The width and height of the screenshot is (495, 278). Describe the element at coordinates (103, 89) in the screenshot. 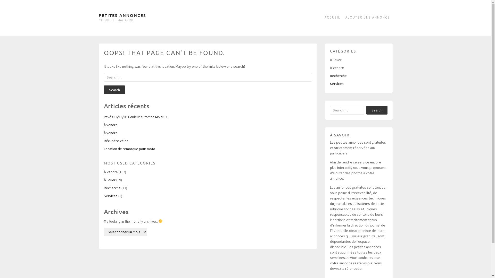

I see `'Search'` at that location.